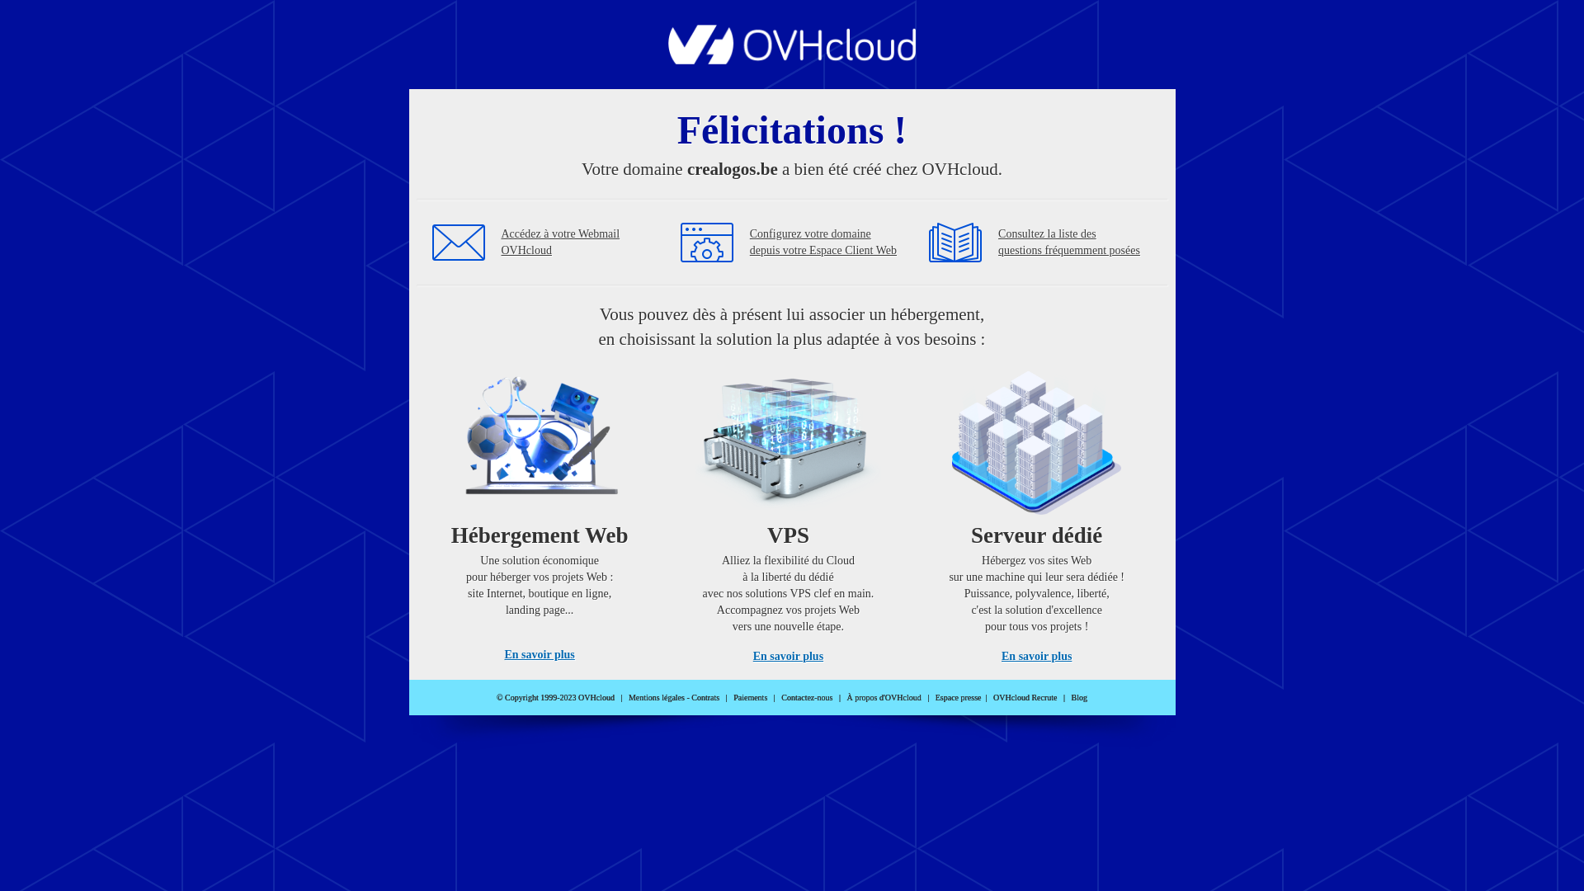  What do you see at coordinates (539, 653) in the screenshot?
I see `'En savoir plus'` at bounding box center [539, 653].